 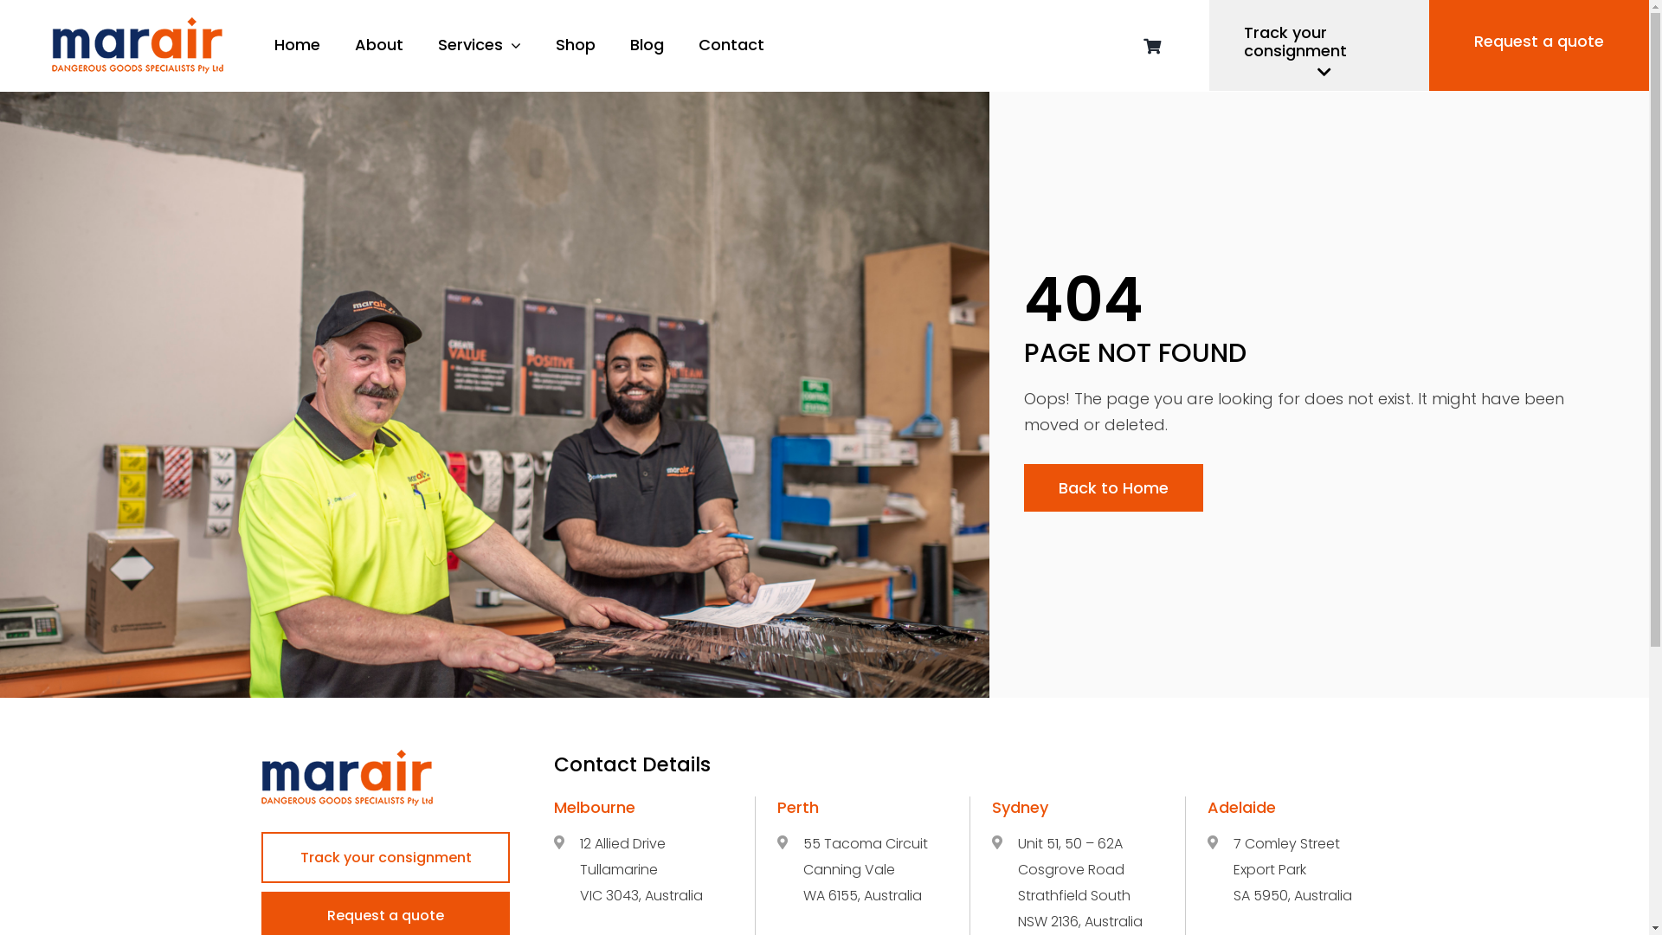 I want to click on 'Shop', so click(x=576, y=44).